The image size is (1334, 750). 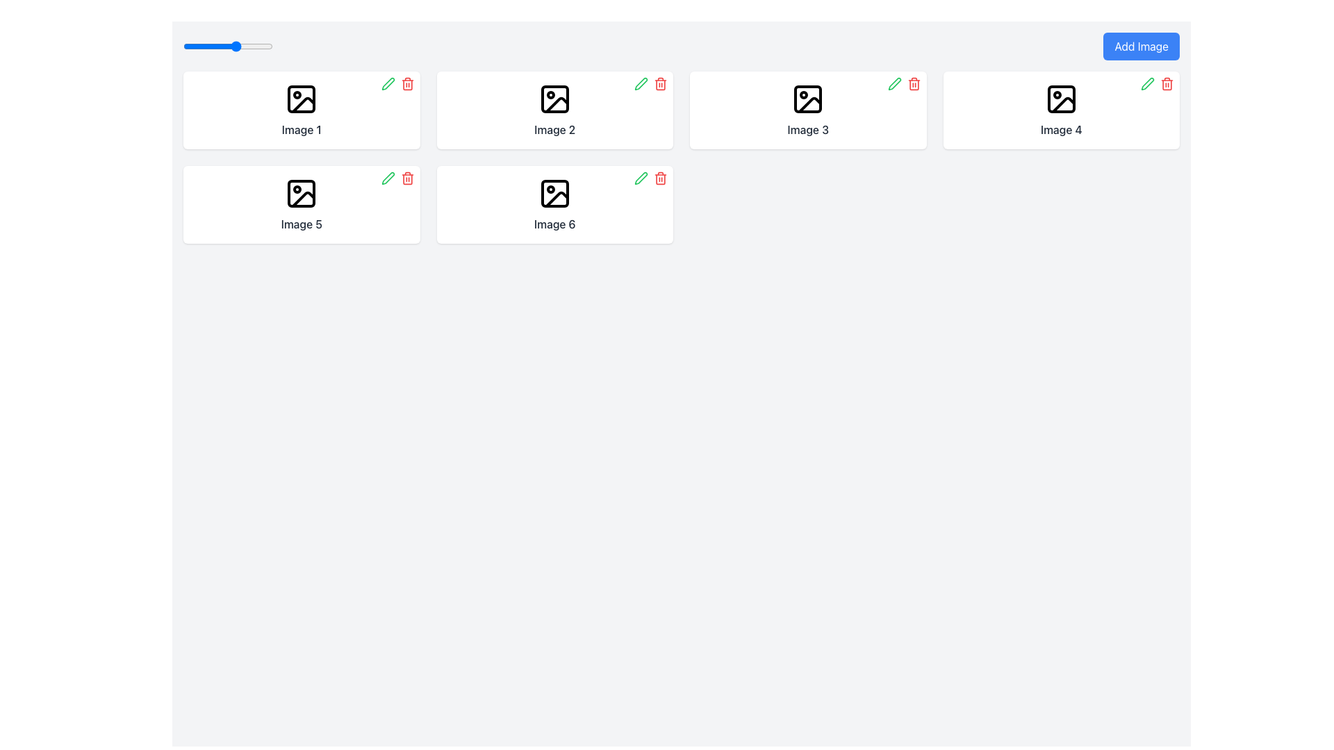 I want to click on the delete icon in the control panel located in the top-right corner of the card labeled 'Image 1', so click(x=397, y=83).